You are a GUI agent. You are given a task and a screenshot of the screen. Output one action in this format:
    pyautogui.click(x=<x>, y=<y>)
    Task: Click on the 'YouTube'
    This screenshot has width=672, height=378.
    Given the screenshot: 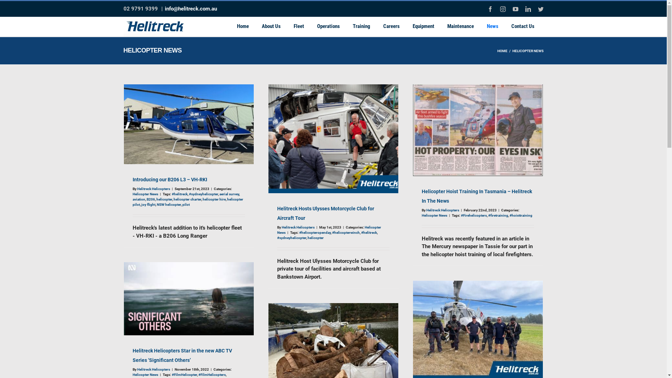 What is the action you would take?
    pyautogui.click(x=515, y=9)
    